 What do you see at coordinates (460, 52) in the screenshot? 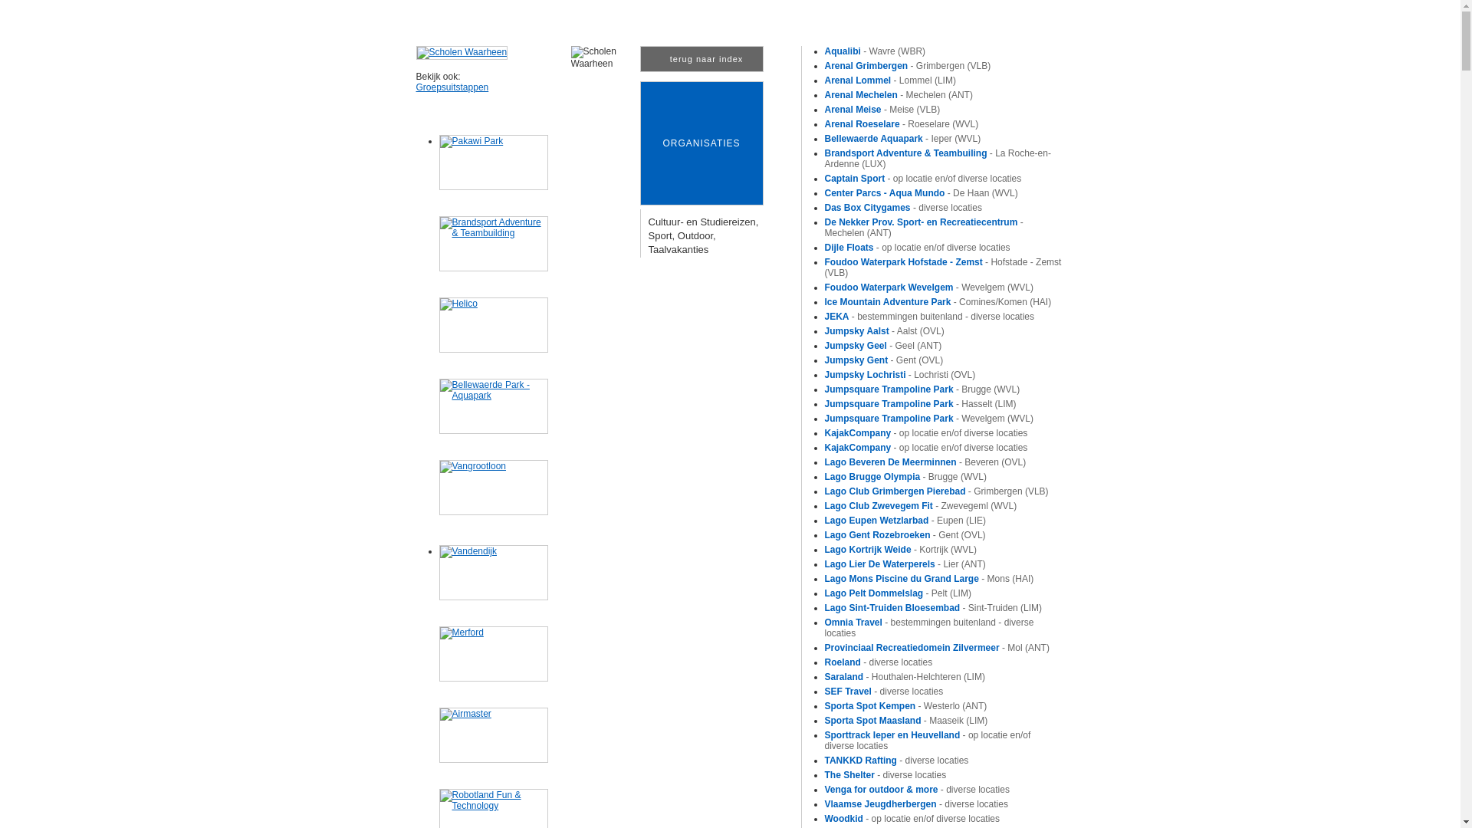
I see `'Scholen Waarheen'` at bounding box center [460, 52].